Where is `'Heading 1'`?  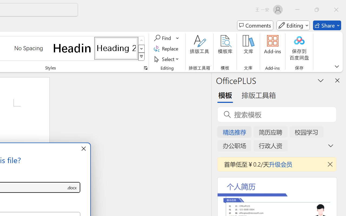 'Heading 1' is located at coordinates (72, 48).